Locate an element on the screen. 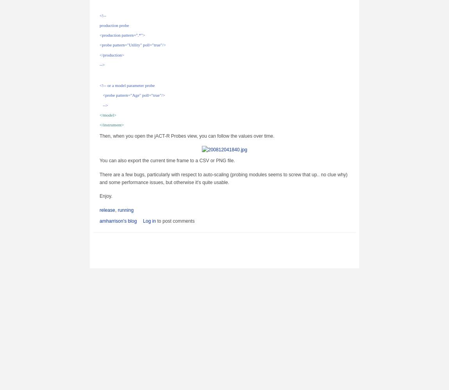 The height and width of the screenshot is (390, 449). '<!--' is located at coordinates (102, 15).